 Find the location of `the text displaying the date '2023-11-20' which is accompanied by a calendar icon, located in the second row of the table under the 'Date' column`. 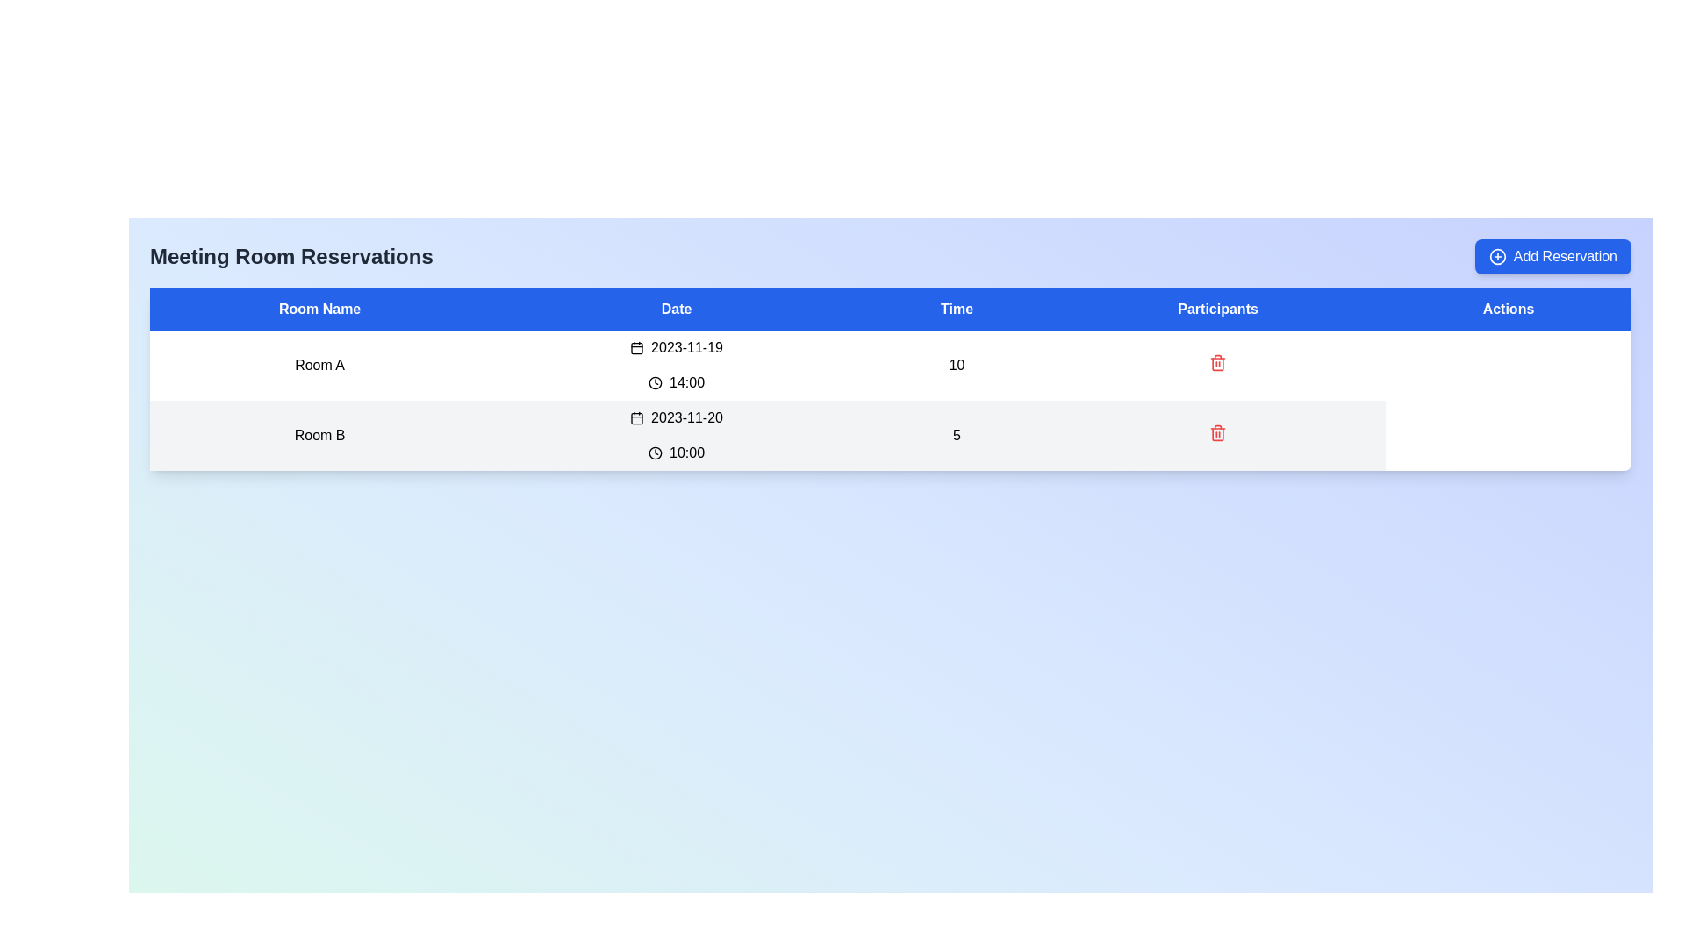

the text displaying the date '2023-11-20' which is accompanied by a calendar icon, located in the second row of the table under the 'Date' column is located at coordinates (676, 418).